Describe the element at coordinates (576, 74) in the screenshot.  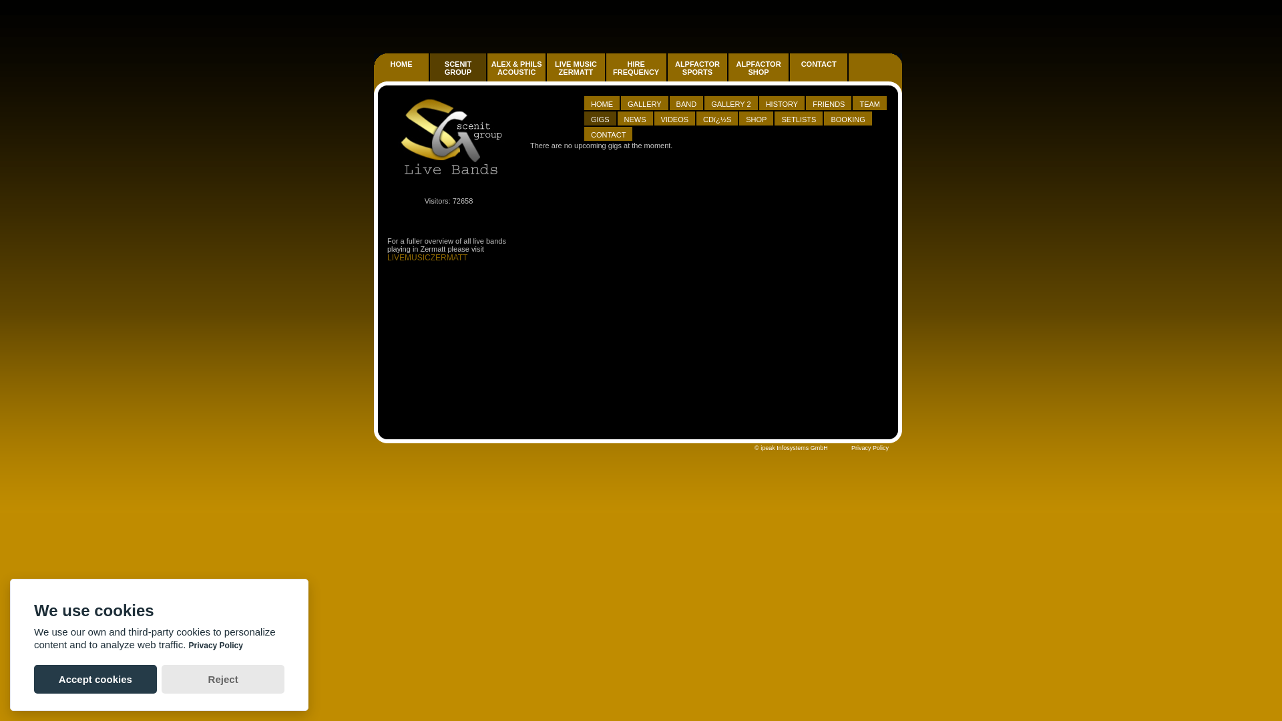
I see `'LIVE MUSIC` at that location.